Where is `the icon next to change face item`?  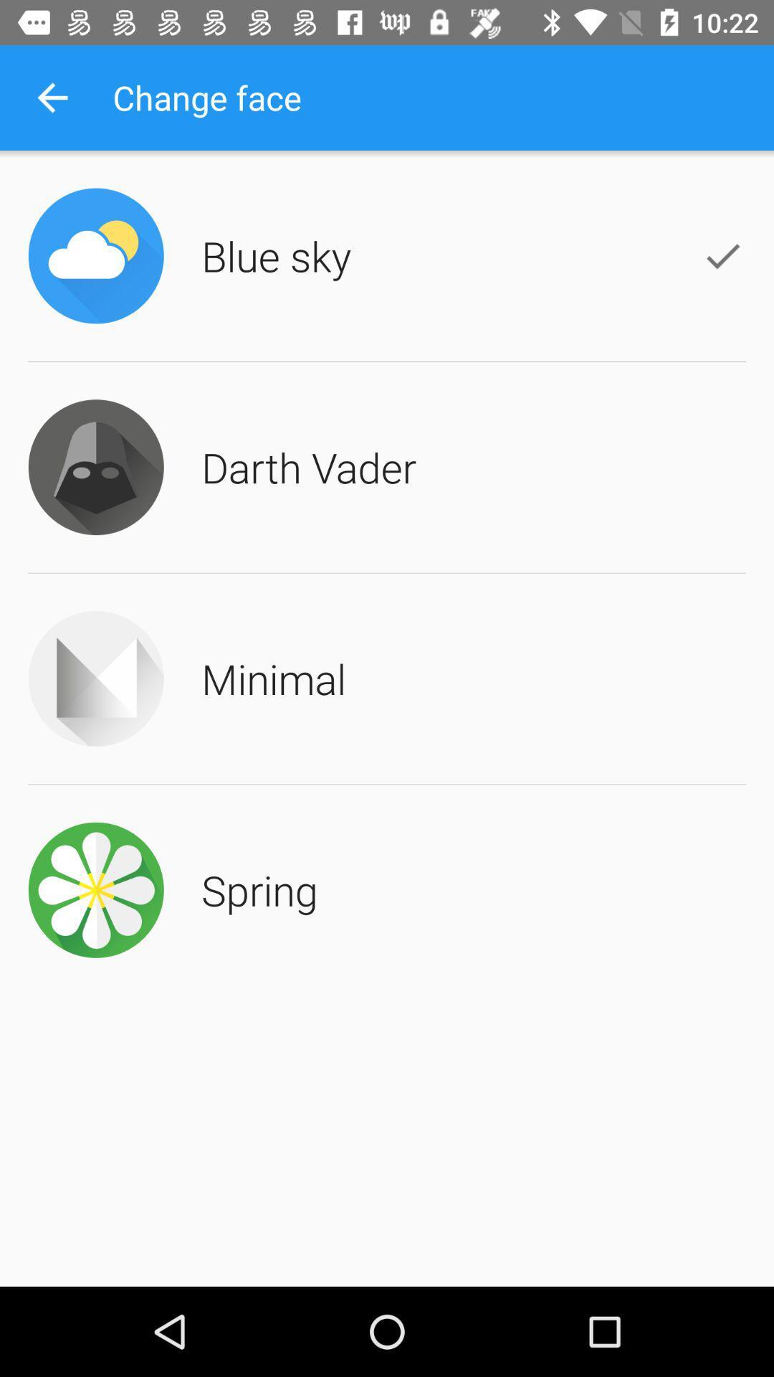 the icon next to change face item is located at coordinates (52, 97).